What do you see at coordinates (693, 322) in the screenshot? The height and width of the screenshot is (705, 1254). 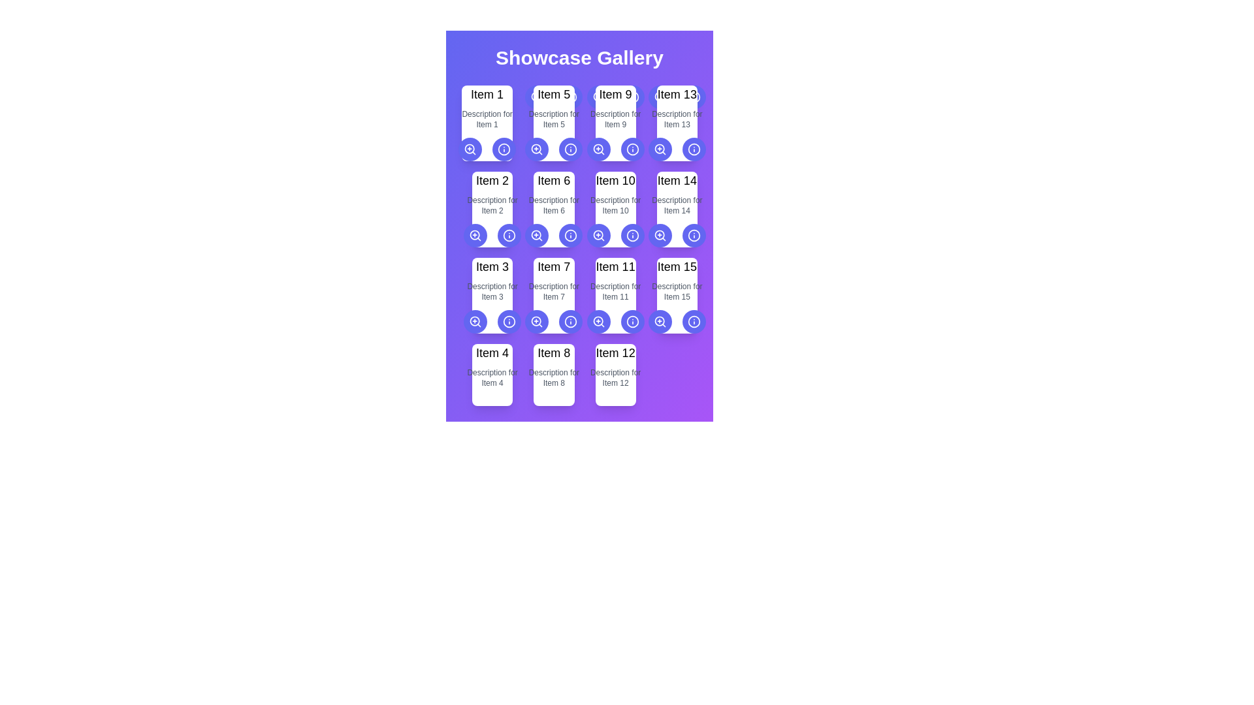 I see `the blue circular icon with a minimalist information symbol located in the bottom right corner of the grid under the panel labeled 'Item 15'` at bounding box center [693, 322].